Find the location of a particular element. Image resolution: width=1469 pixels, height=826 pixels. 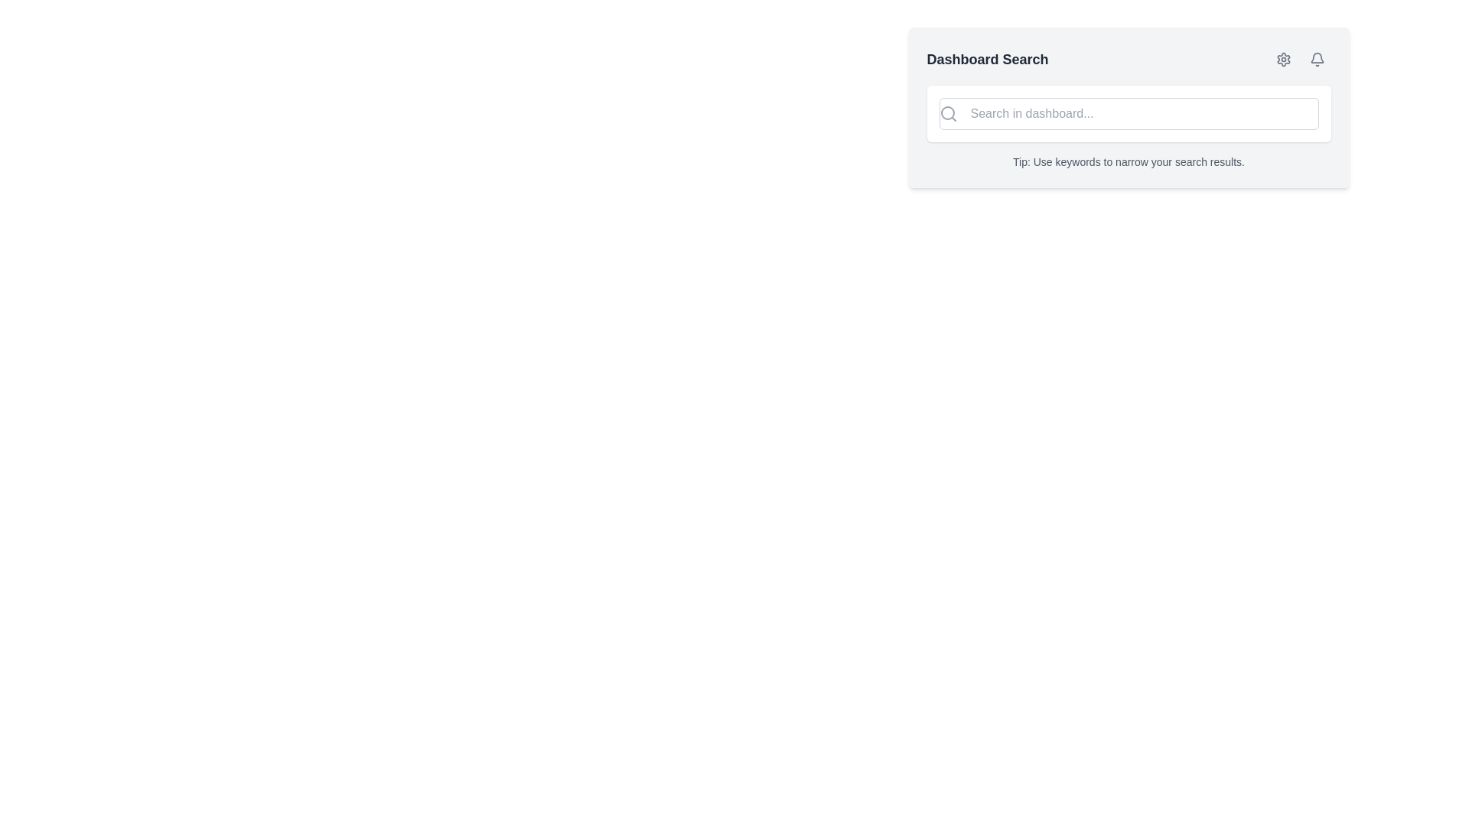

the small bell icon button with a light gray outline is located at coordinates (1316, 58).